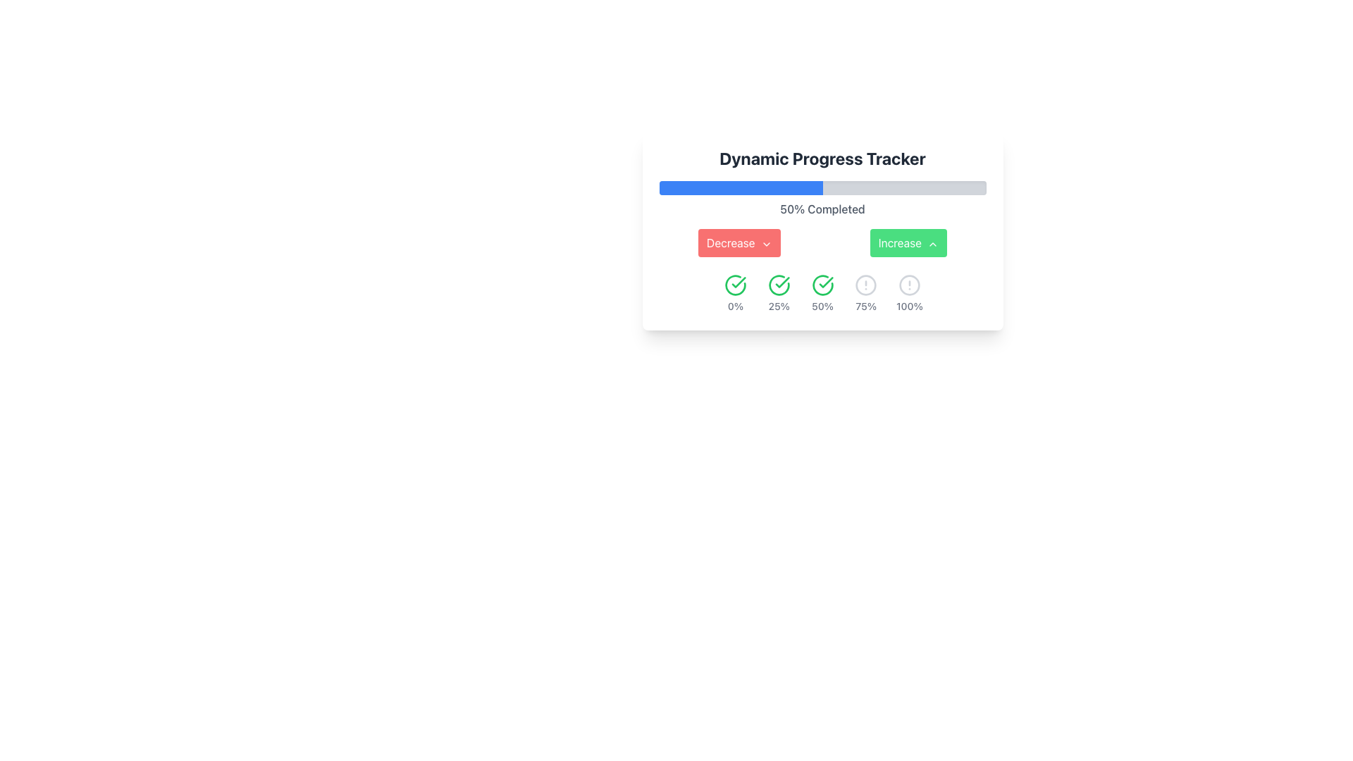 The height and width of the screenshot is (761, 1353). I want to click on the progress status indicator that visually confirms progress at 50%, located in the center of the horizontal sequence below 'Dynamic Progress Tracker', so click(822, 292).